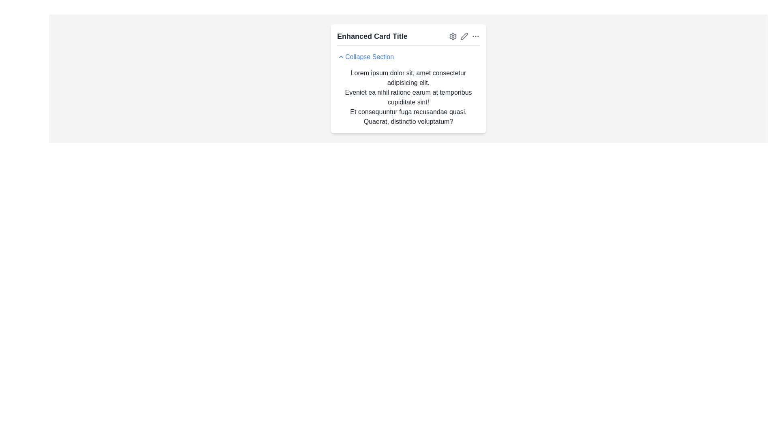 The width and height of the screenshot is (778, 437). What do you see at coordinates (464, 36) in the screenshot?
I see `the pen icon in the top-right corner of the rectangular card` at bounding box center [464, 36].